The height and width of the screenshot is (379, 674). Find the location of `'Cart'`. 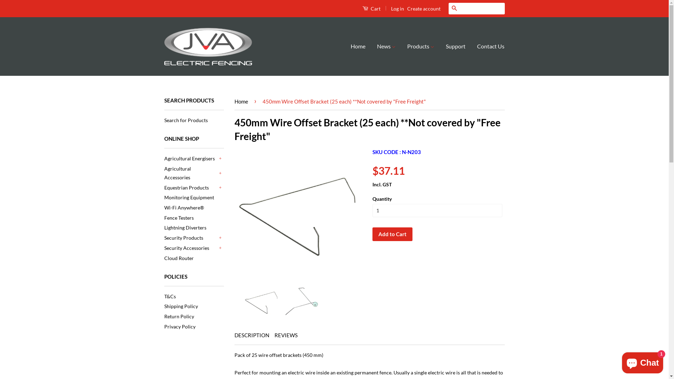

'Cart' is located at coordinates (371, 8).